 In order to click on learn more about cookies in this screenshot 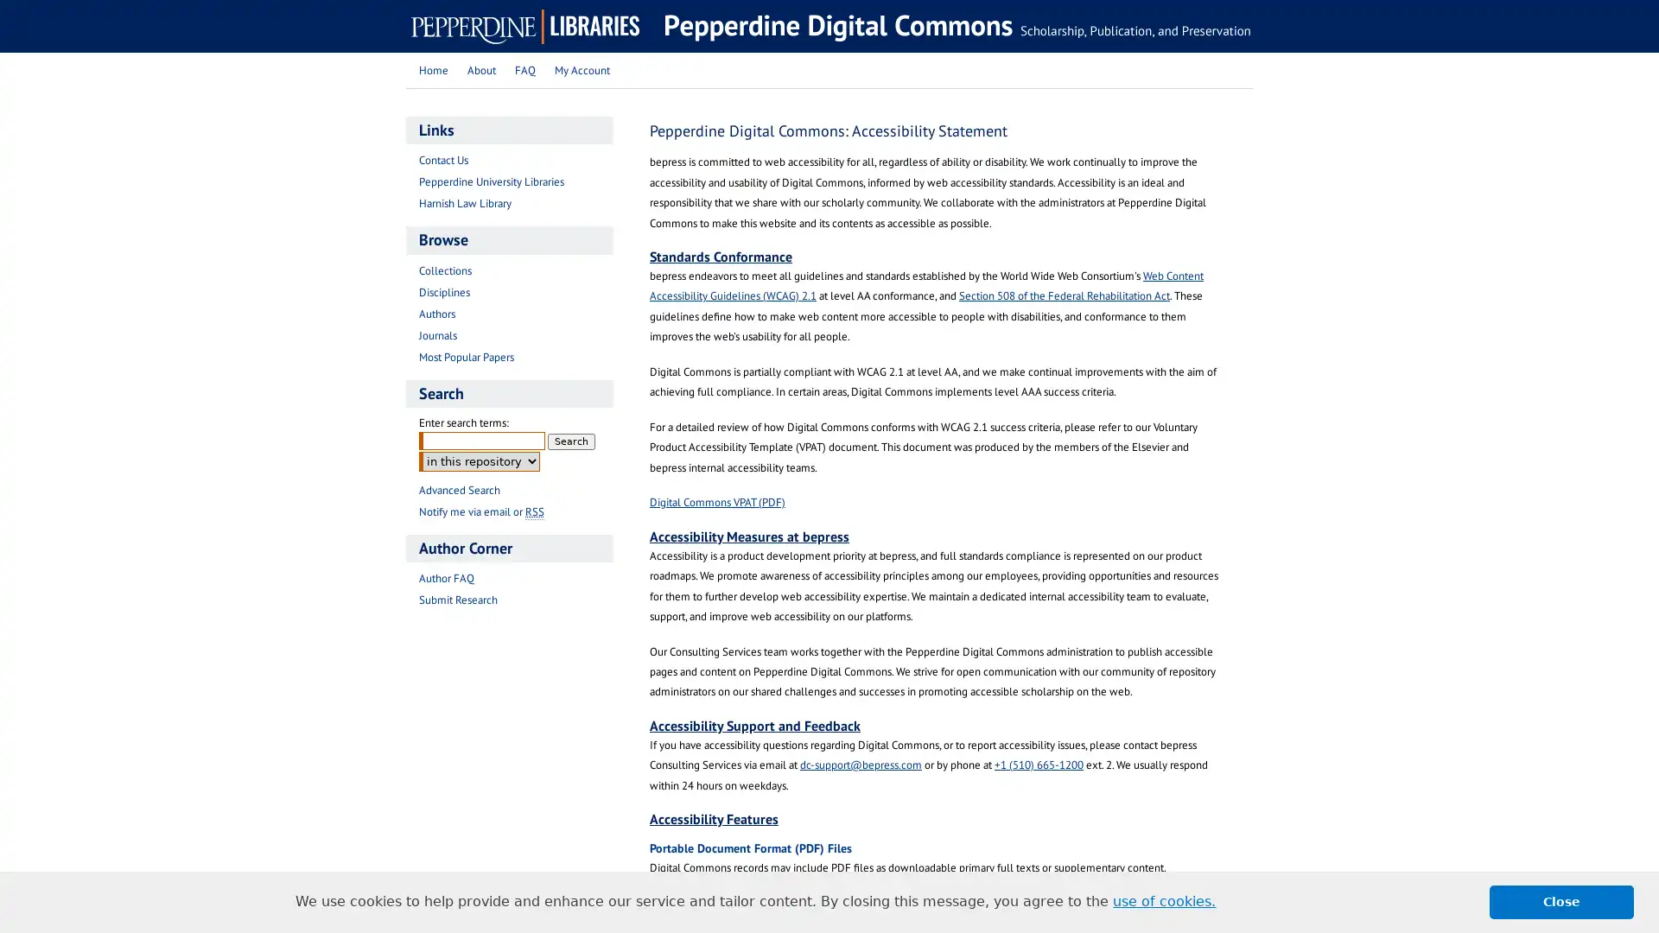, I will do `click(1164, 901)`.